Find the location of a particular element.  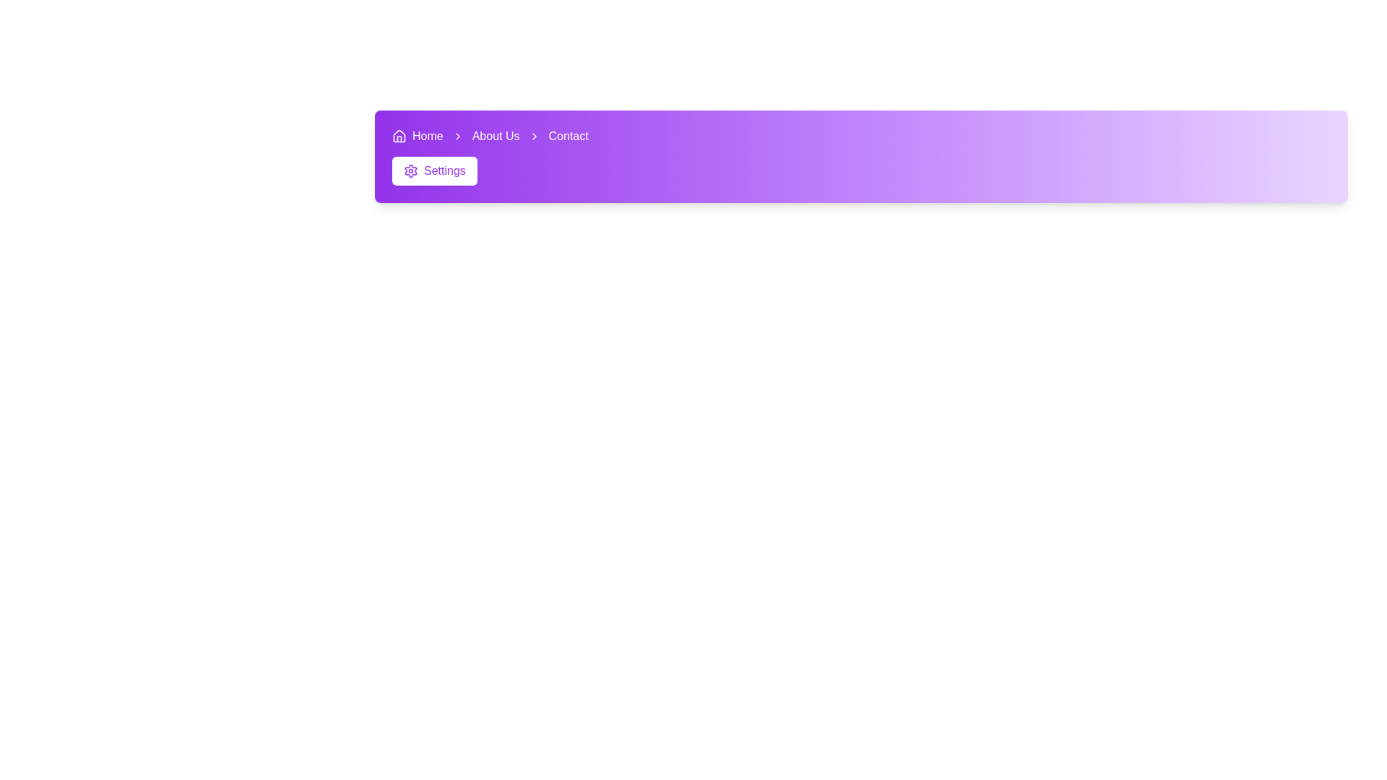

the 'Home' text label, which is displayed in white font on a purple background, to retrieve information about the current location is located at coordinates (427, 136).